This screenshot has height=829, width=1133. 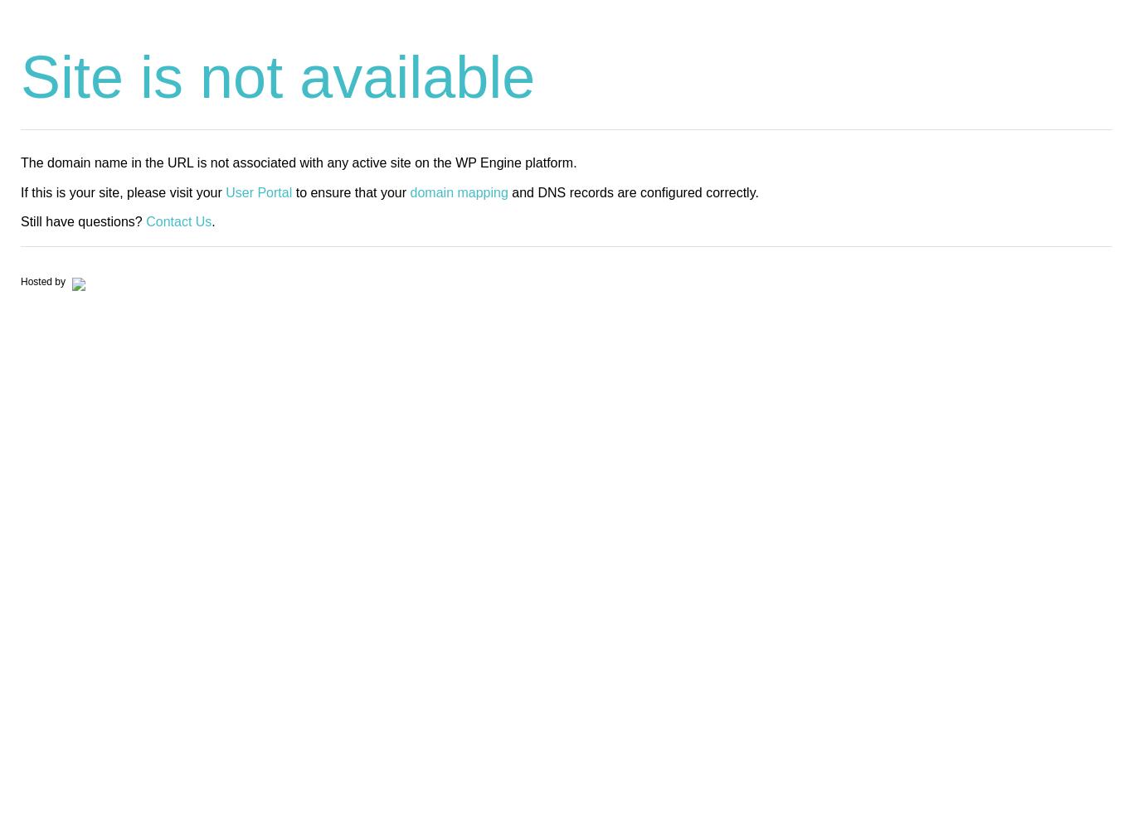 What do you see at coordinates (20, 162) in the screenshot?
I see `'The domain name in the URL is not associated with any active site on the WP Engine platform.'` at bounding box center [20, 162].